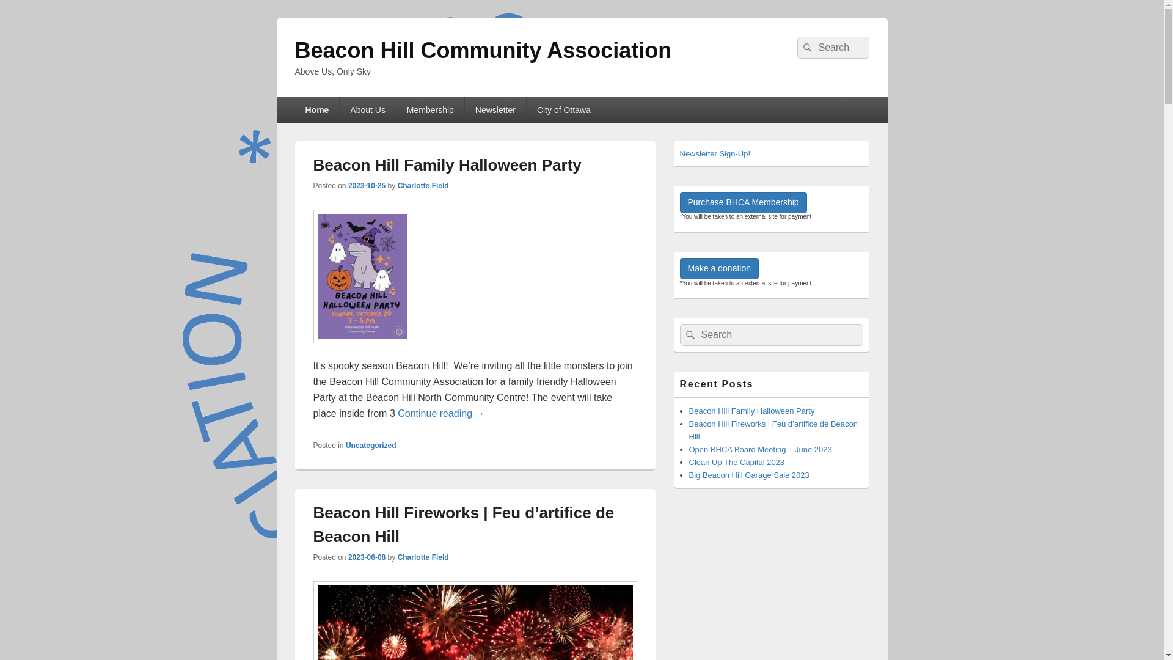 This screenshot has width=1173, height=660. What do you see at coordinates (495, 110) in the screenshot?
I see `'Newsletter'` at bounding box center [495, 110].